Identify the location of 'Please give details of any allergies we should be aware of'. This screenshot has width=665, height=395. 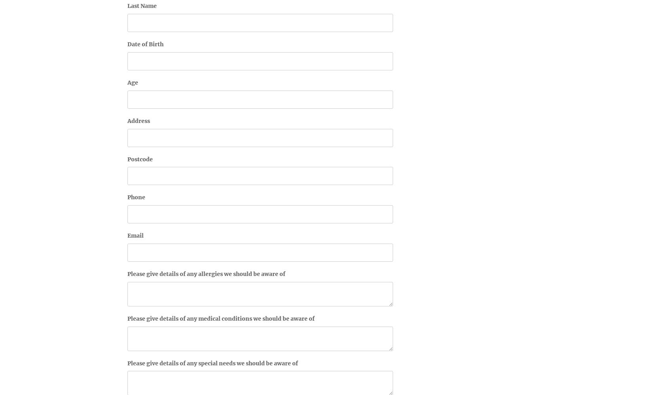
(206, 274).